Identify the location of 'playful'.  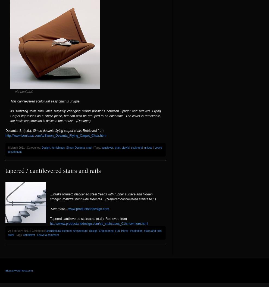
(121, 147).